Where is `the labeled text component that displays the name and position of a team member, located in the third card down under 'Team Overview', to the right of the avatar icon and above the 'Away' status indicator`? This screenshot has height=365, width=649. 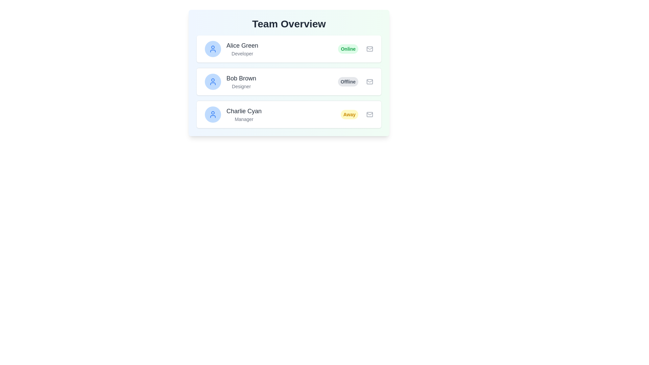
the labeled text component that displays the name and position of a team member, located in the third card down under 'Team Overview', to the right of the avatar icon and above the 'Away' status indicator is located at coordinates (244, 114).